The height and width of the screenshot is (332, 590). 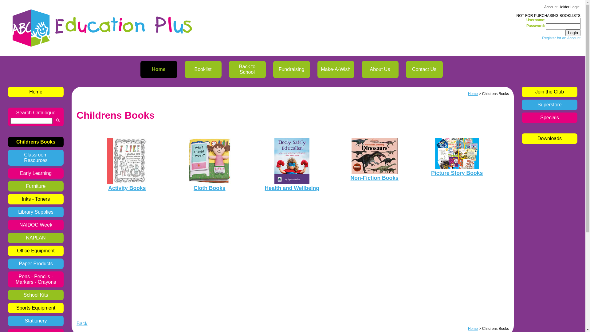 What do you see at coordinates (549, 139) in the screenshot?
I see `'Downloads'` at bounding box center [549, 139].